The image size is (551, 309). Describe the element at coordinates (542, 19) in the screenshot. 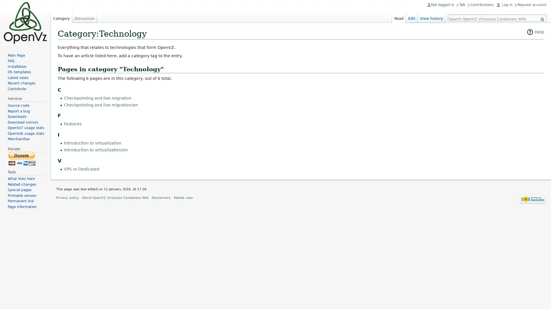

I see `Go` at that location.